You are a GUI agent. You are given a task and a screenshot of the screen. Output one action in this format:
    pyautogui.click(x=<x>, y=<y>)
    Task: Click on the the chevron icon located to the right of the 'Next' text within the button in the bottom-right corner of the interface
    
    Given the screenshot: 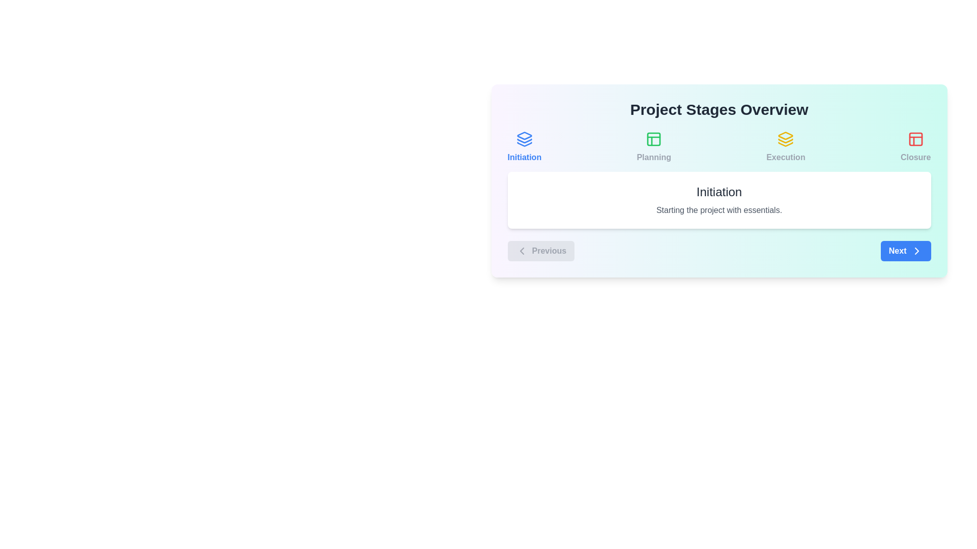 What is the action you would take?
    pyautogui.click(x=916, y=251)
    